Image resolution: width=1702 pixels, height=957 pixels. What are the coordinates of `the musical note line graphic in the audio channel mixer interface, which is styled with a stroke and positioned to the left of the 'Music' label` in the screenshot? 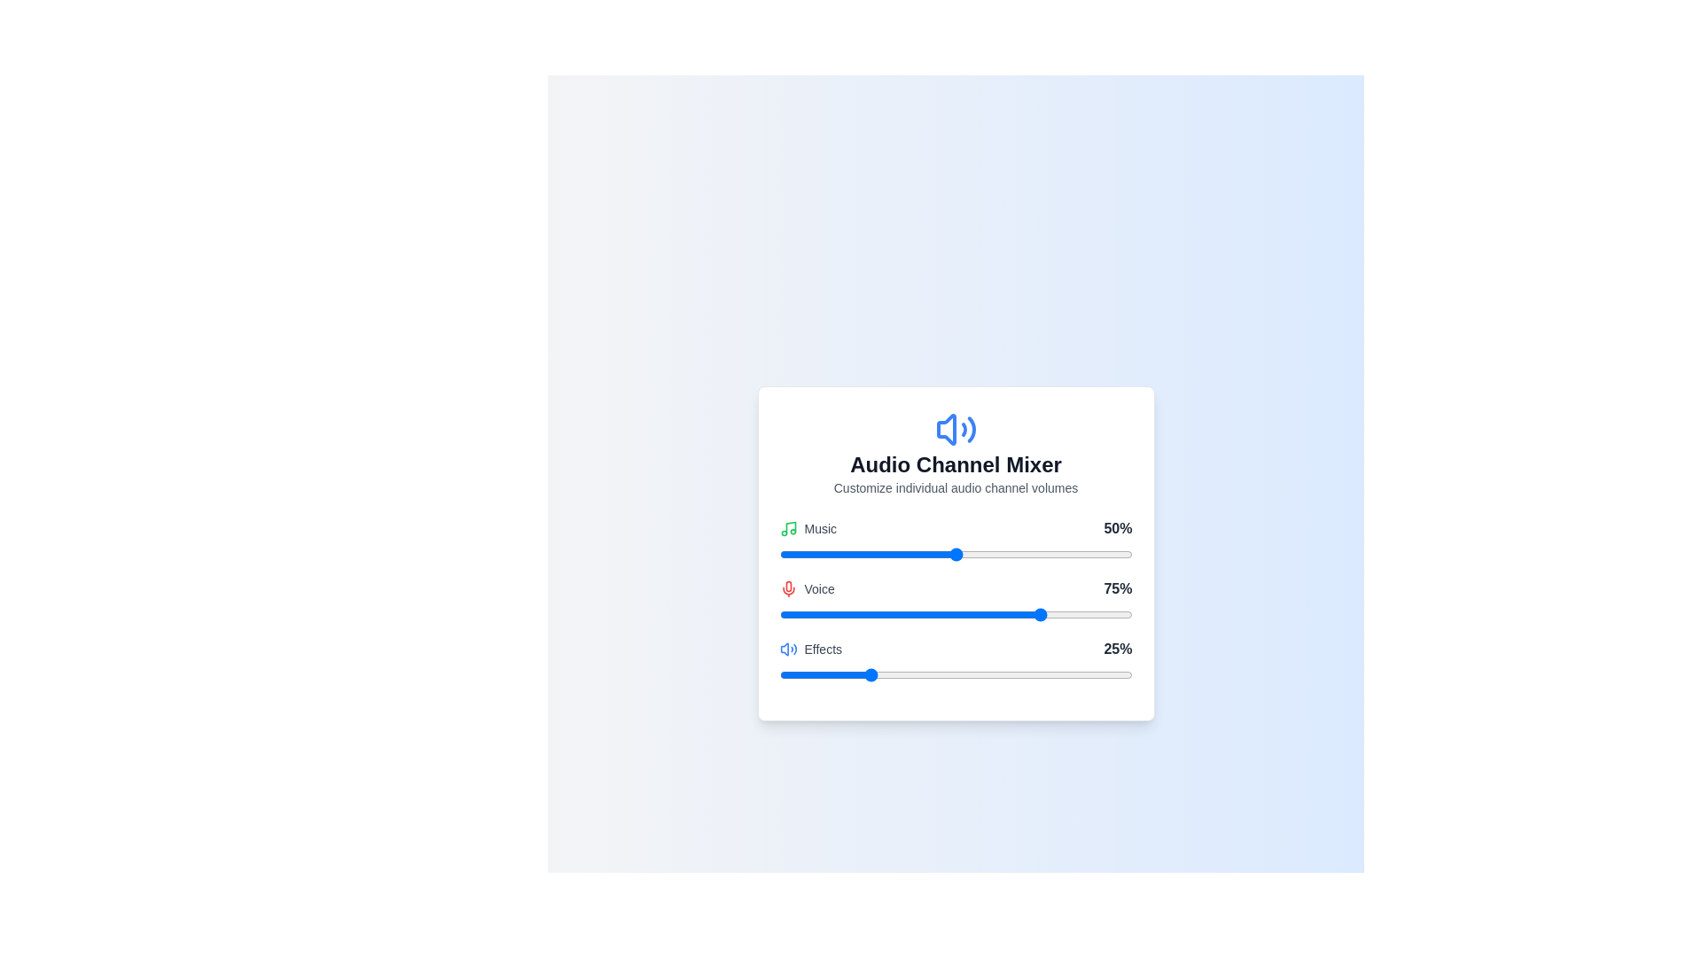 It's located at (790, 526).